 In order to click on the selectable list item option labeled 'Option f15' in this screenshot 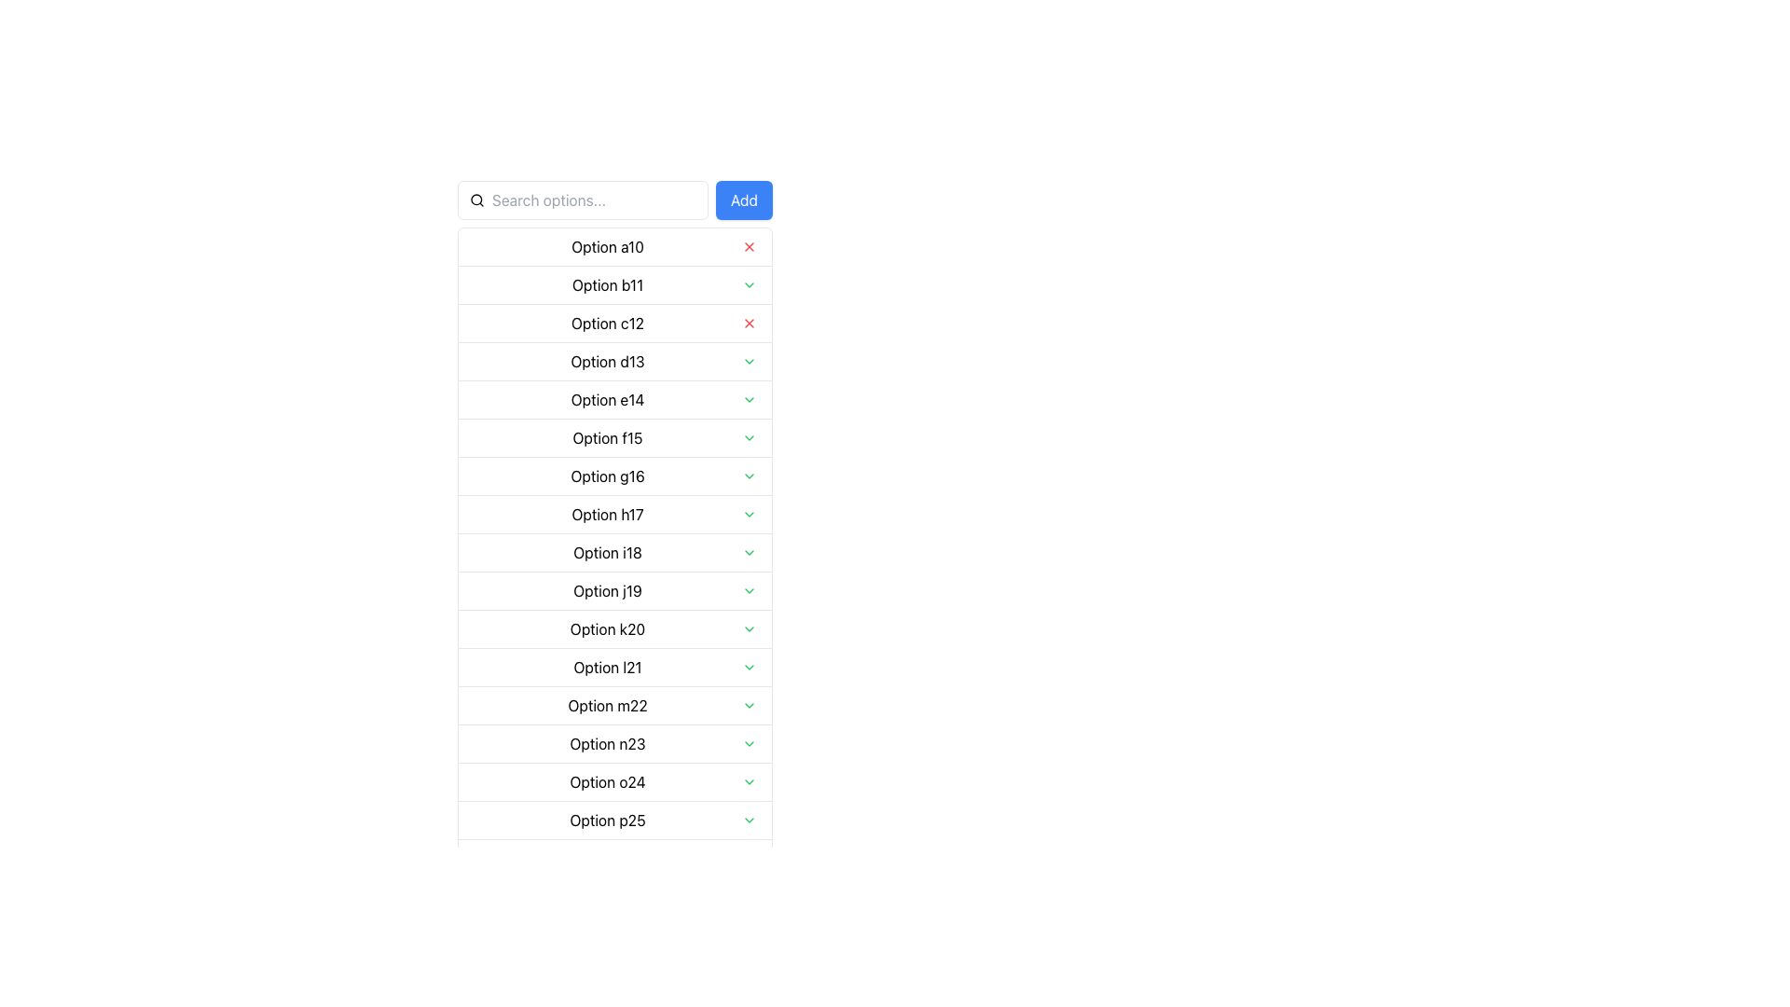, I will do `click(615, 437)`.